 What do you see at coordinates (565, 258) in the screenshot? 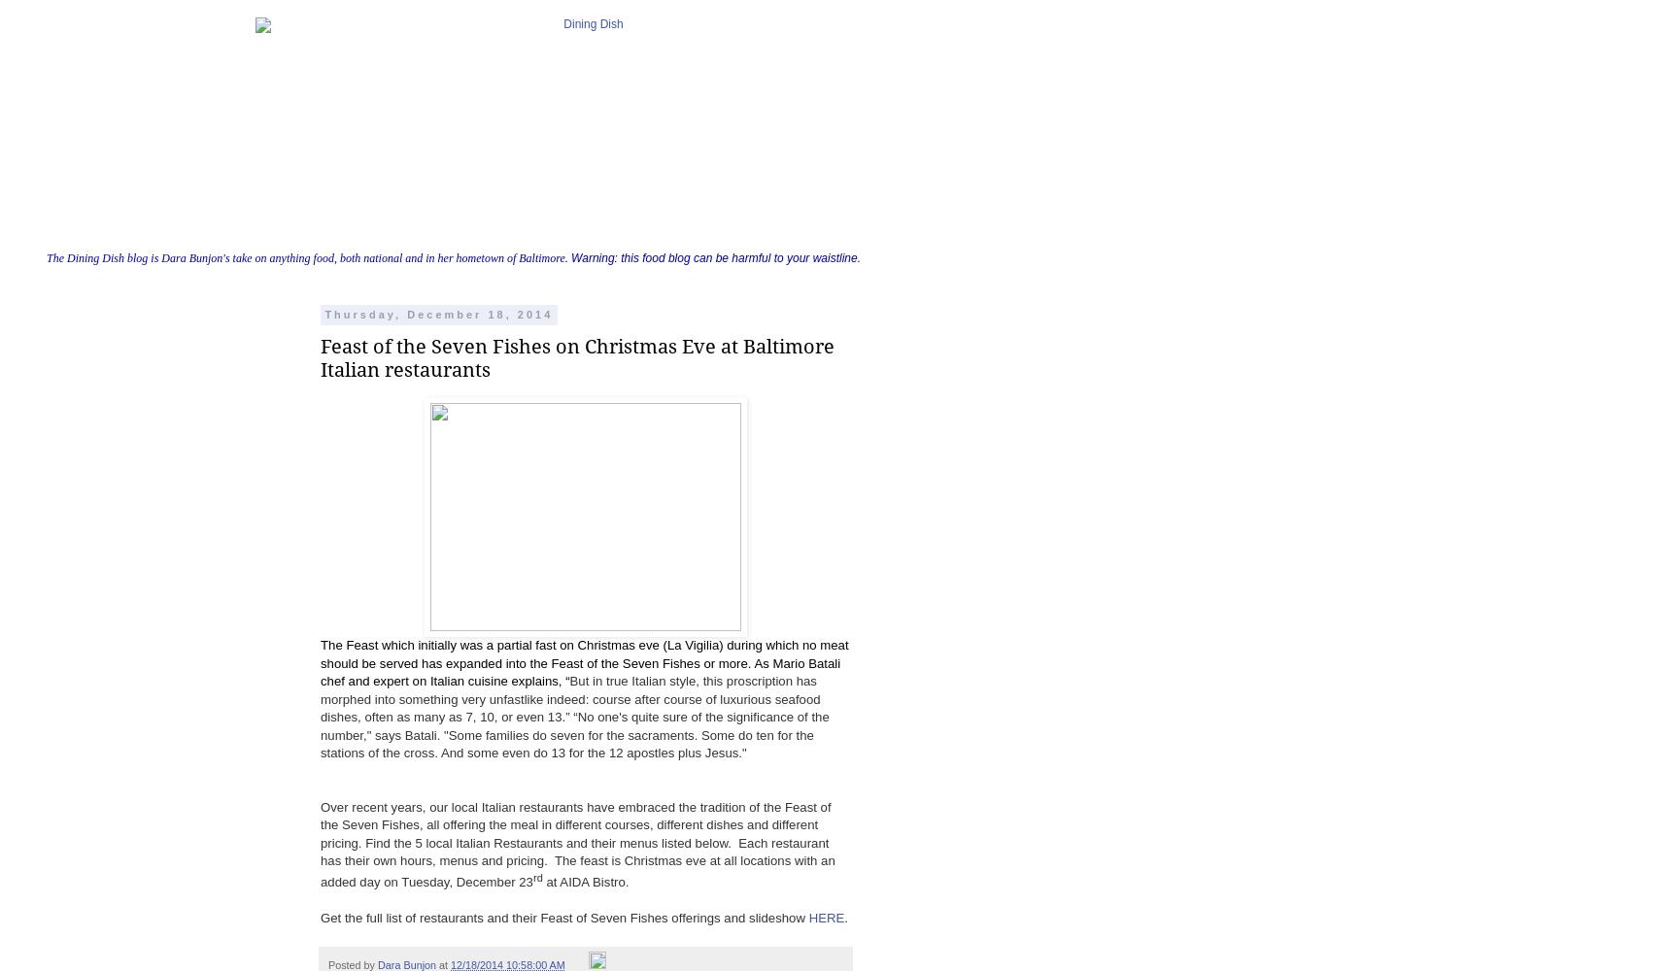
I see `'Warning: this food blog can be harmful to your waistline.'` at bounding box center [565, 258].